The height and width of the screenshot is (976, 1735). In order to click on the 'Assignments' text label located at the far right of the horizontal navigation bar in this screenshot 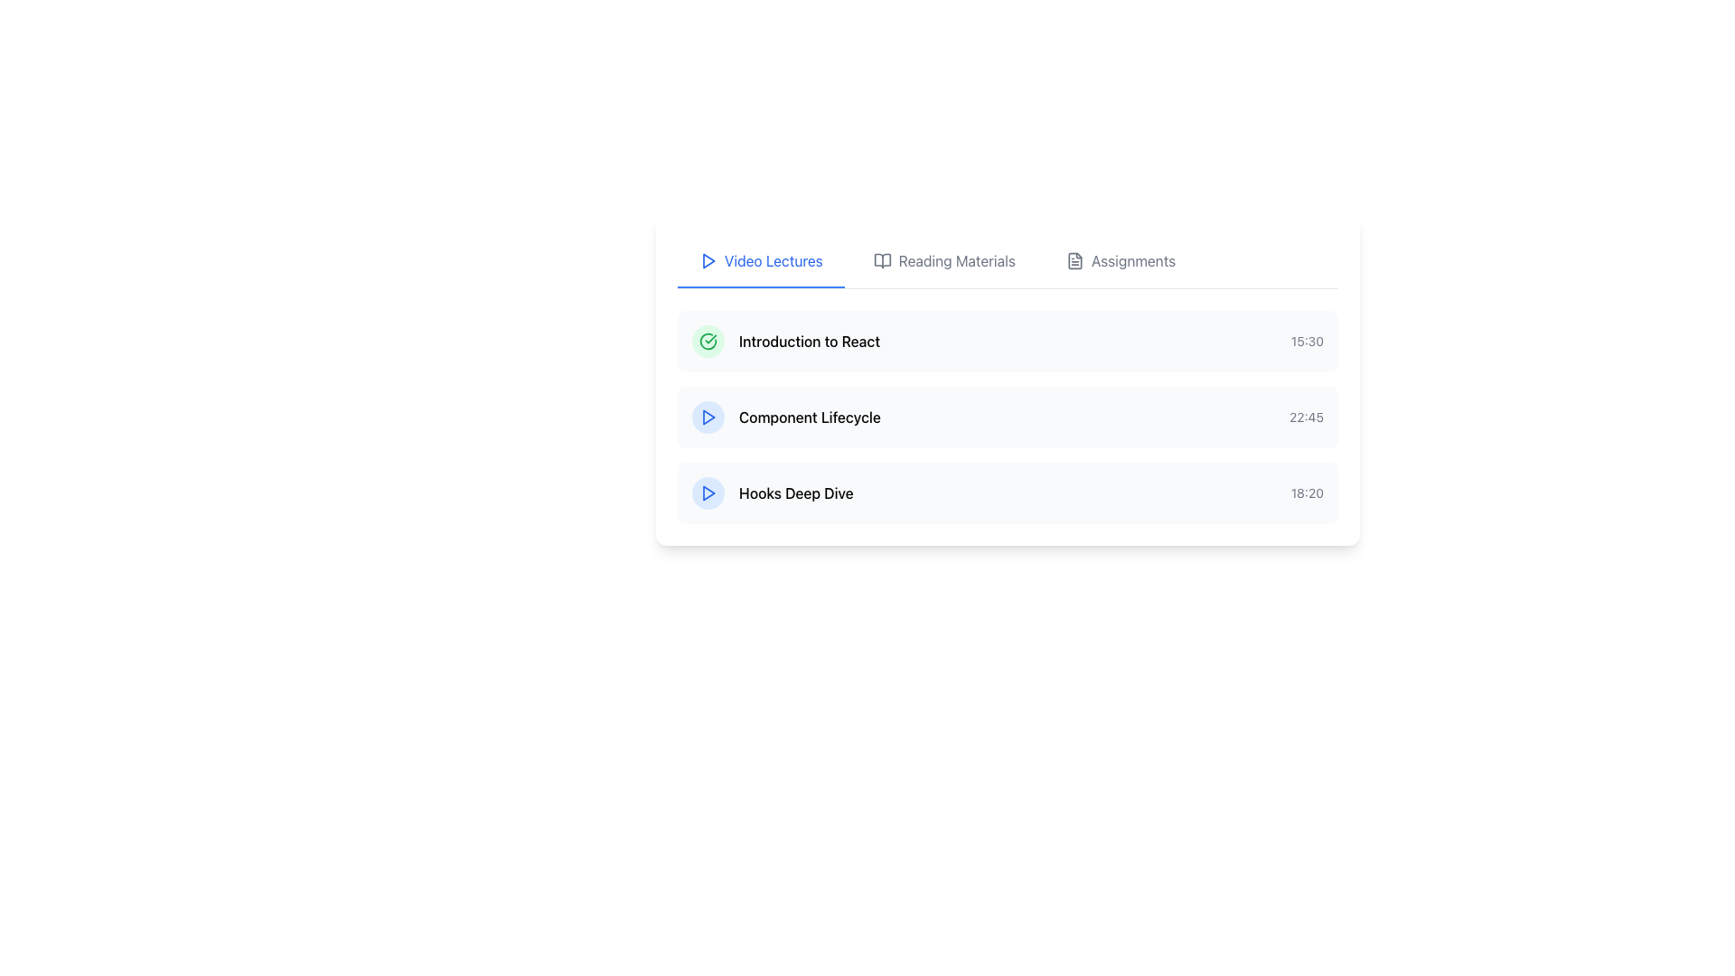, I will do `click(1132, 261)`.